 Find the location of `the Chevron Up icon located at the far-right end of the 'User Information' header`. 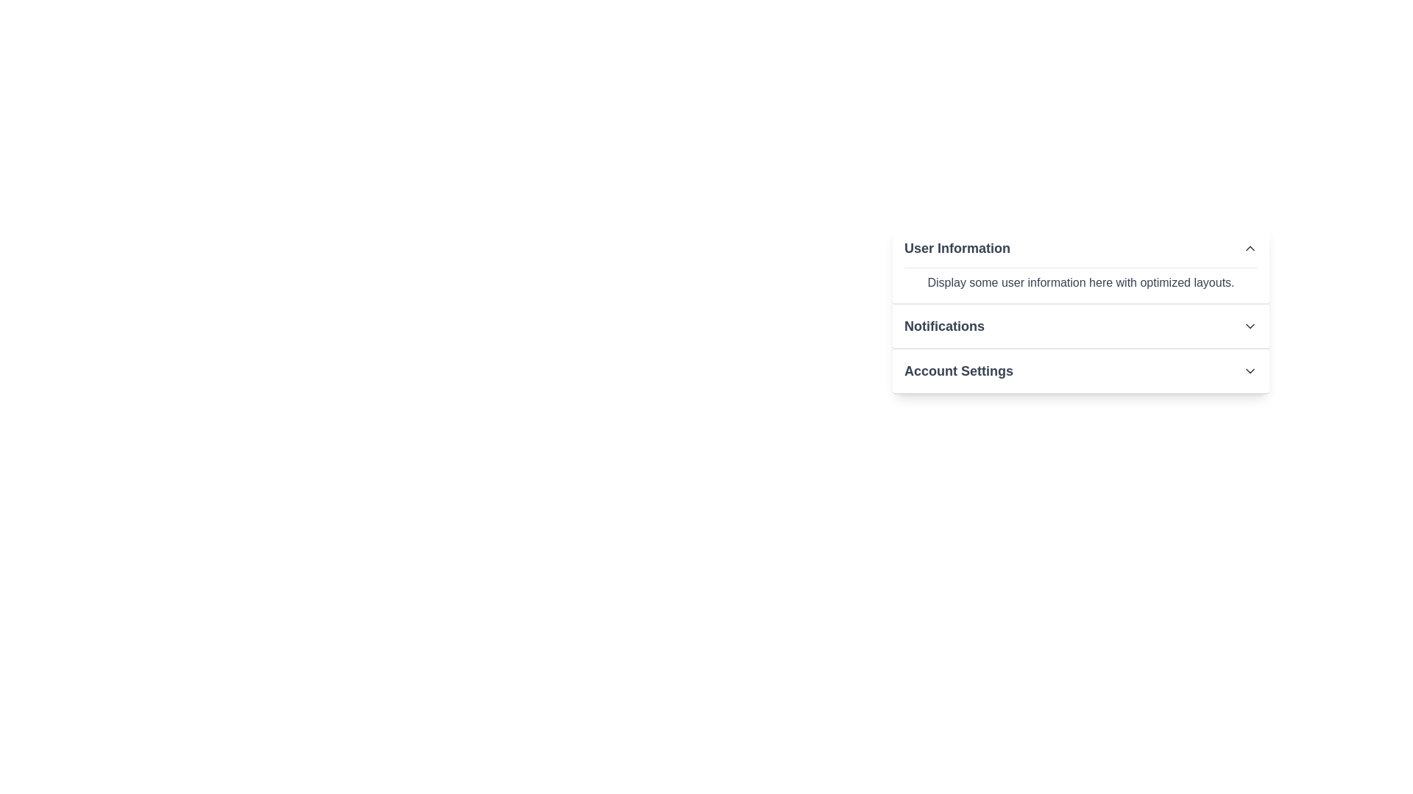

the Chevron Up icon located at the far-right end of the 'User Information' header is located at coordinates (1250, 248).